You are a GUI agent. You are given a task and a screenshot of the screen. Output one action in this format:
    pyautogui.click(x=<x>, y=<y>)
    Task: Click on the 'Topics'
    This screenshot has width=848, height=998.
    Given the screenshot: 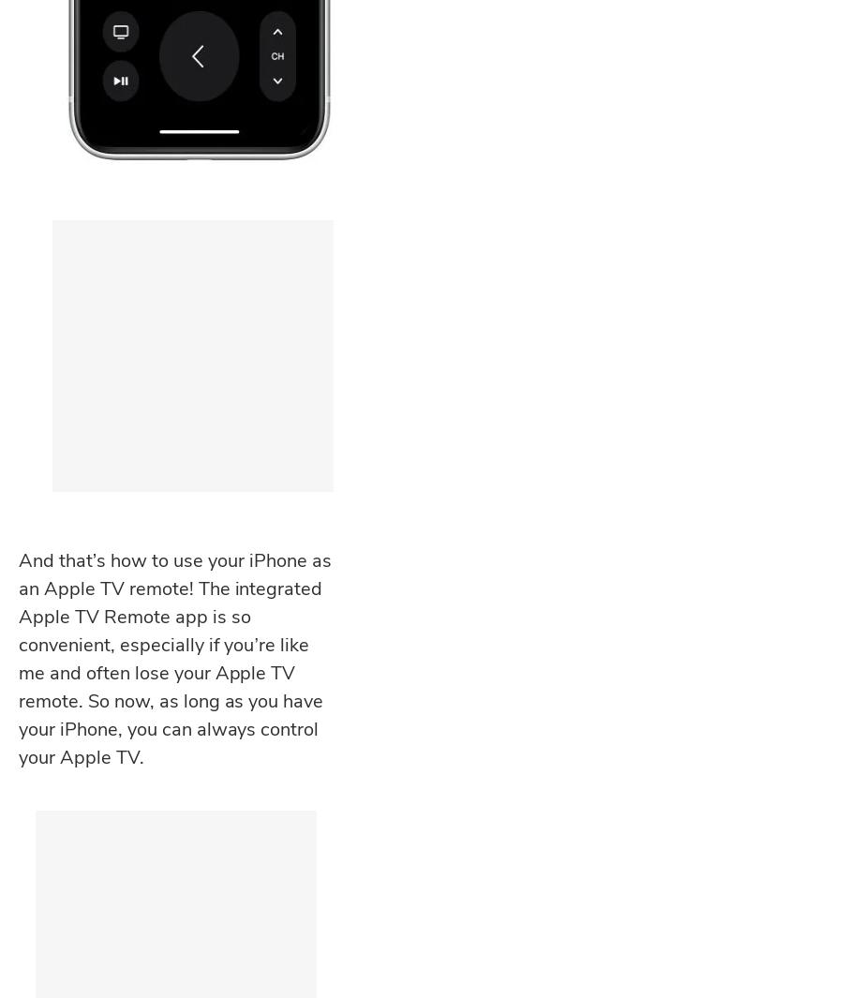 What is the action you would take?
    pyautogui.click(x=45, y=752)
    